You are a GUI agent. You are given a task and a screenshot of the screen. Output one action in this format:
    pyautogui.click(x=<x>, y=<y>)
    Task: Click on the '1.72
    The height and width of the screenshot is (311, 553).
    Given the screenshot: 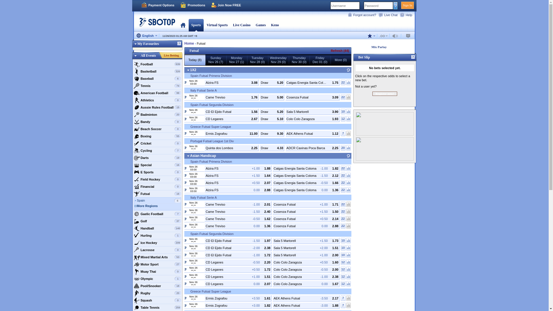 What is the action you would take?
    pyautogui.click(x=238, y=254)
    